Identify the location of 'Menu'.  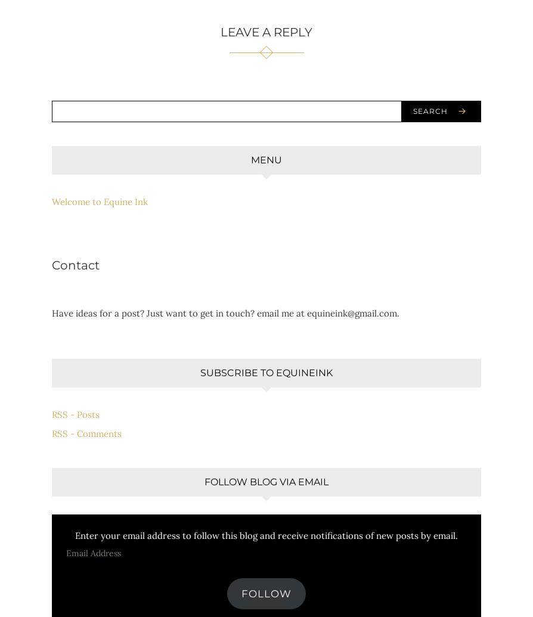
(266, 159).